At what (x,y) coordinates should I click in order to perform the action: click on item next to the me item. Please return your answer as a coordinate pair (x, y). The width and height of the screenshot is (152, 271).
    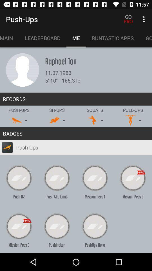
    Looking at the image, I should click on (113, 38).